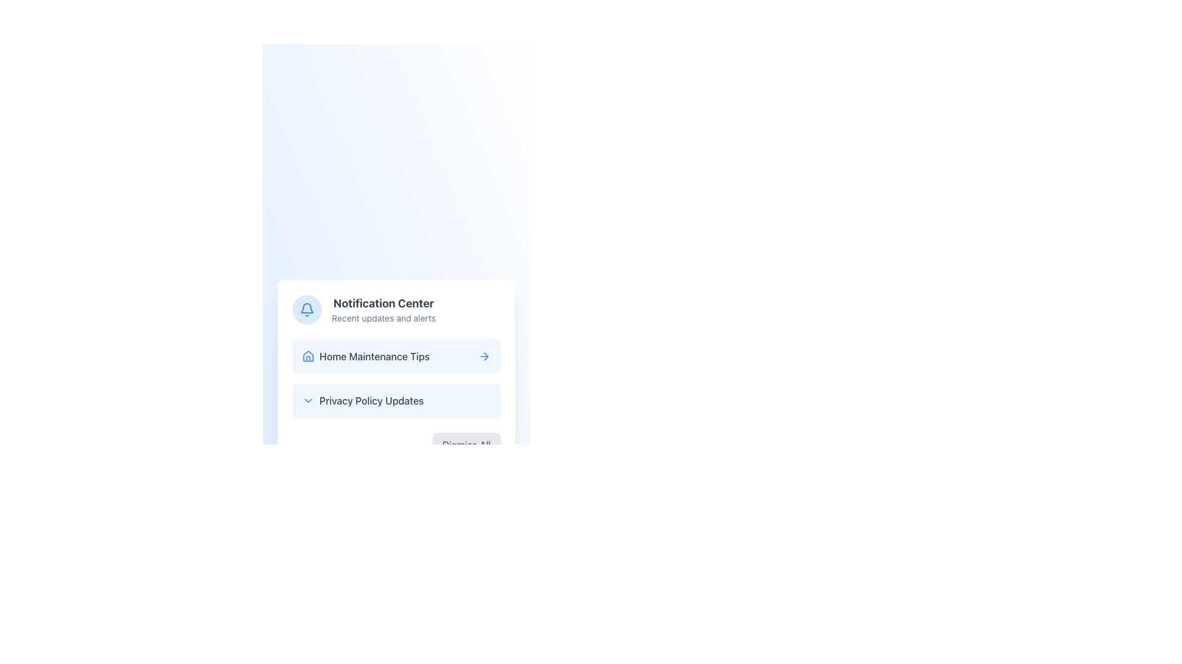 The image size is (1182, 664). Describe the element at coordinates (396, 400) in the screenshot. I see `the 'Privacy Policy Updates' Collapsible List Item Header` at that location.